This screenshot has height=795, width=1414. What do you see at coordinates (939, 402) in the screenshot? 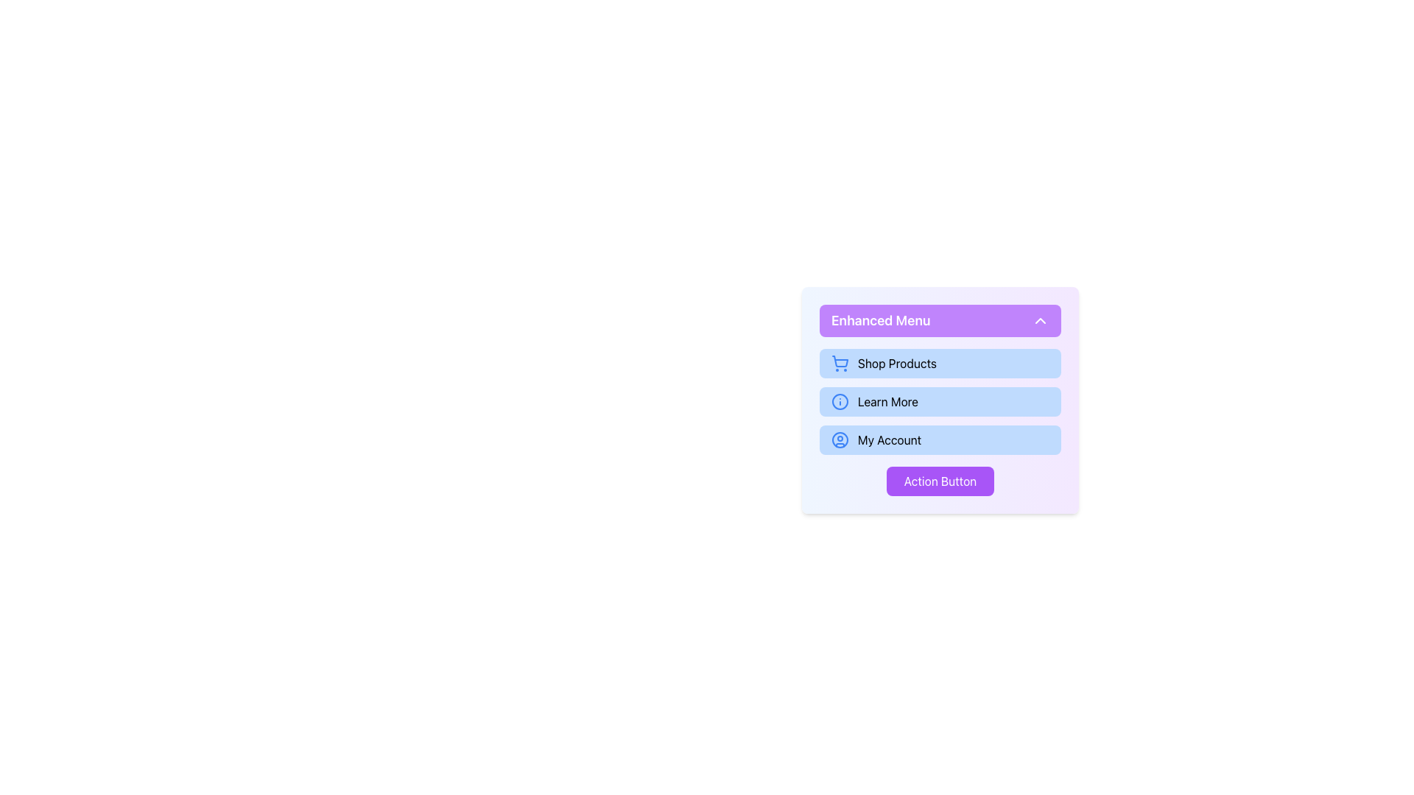
I see `the second button under the 'Enhanced Menu' section to learn more about the related subject` at bounding box center [939, 402].